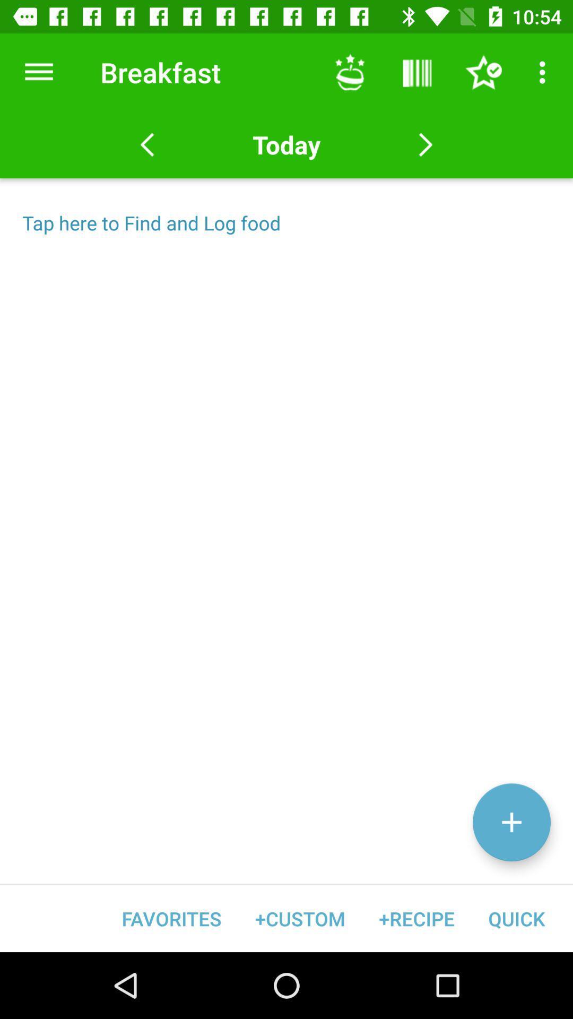 The width and height of the screenshot is (573, 1019). Describe the element at coordinates (425, 144) in the screenshot. I see `next day` at that location.